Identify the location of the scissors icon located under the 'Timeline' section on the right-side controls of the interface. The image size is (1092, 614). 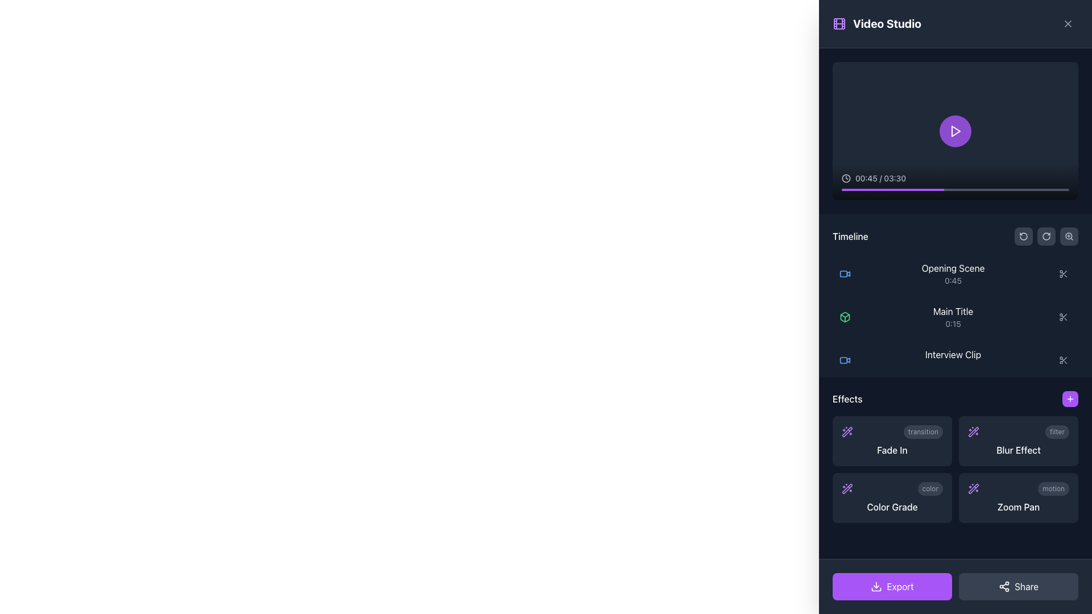
(1063, 274).